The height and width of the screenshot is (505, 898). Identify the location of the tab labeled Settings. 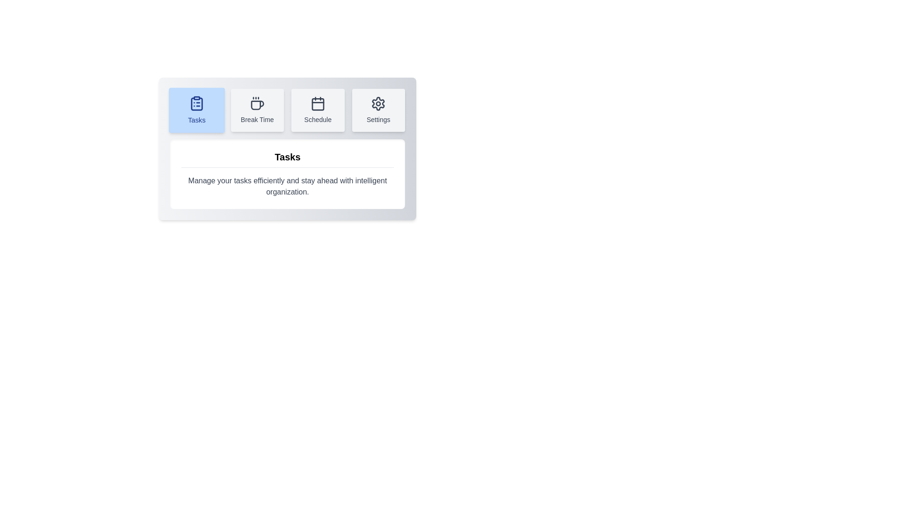
(378, 109).